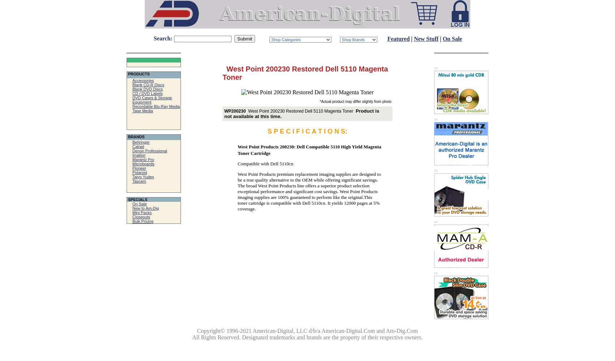 The image size is (615, 361). Describe the element at coordinates (265, 163) in the screenshot. I see `'Compatible with Dell 5110cn'` at that location.